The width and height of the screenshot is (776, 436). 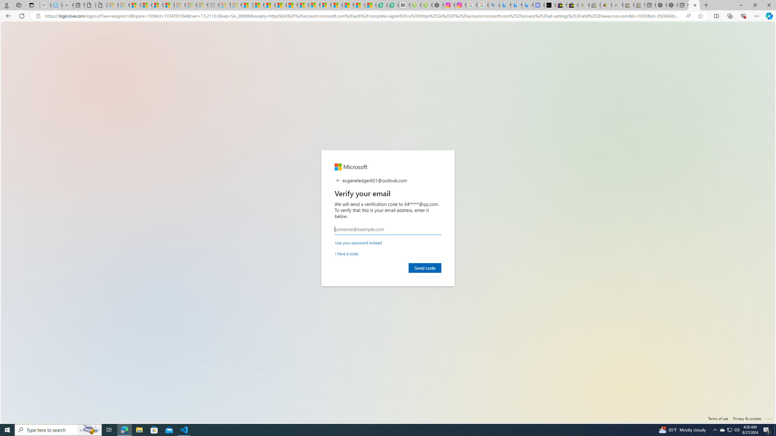 I want to click on 'Click here for troubleshooting information', so click(x=768, y=417).